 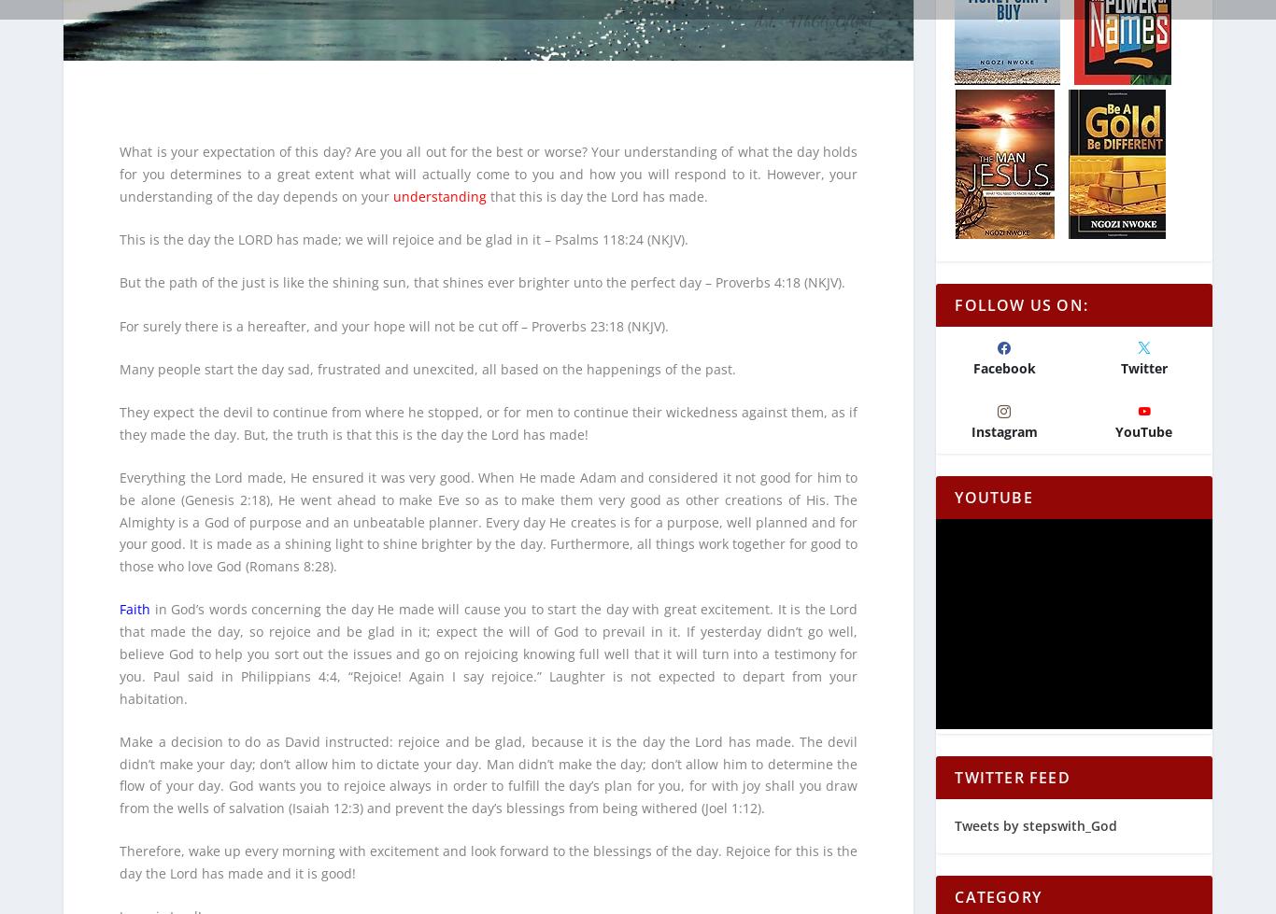 What do you see at coordinates (489, 761) in the screenshot?
I see `'Make a decision to do as David instructed: rejoice and be glad, because it is the day the Lord has made. The devil didn’t make your day; don’t allow him to dictate your day. Man didn’t make the day; don’t allow him to determine the flow of your day. God wants you to rejoice always in order to fulfill the day’s plan for you, for with joy shall you draw from the wells of salvation (Isaiah 12:3) and prevent the day’s blessings from being withered (Joel 1:12).'` at bounding box center [489, 761].